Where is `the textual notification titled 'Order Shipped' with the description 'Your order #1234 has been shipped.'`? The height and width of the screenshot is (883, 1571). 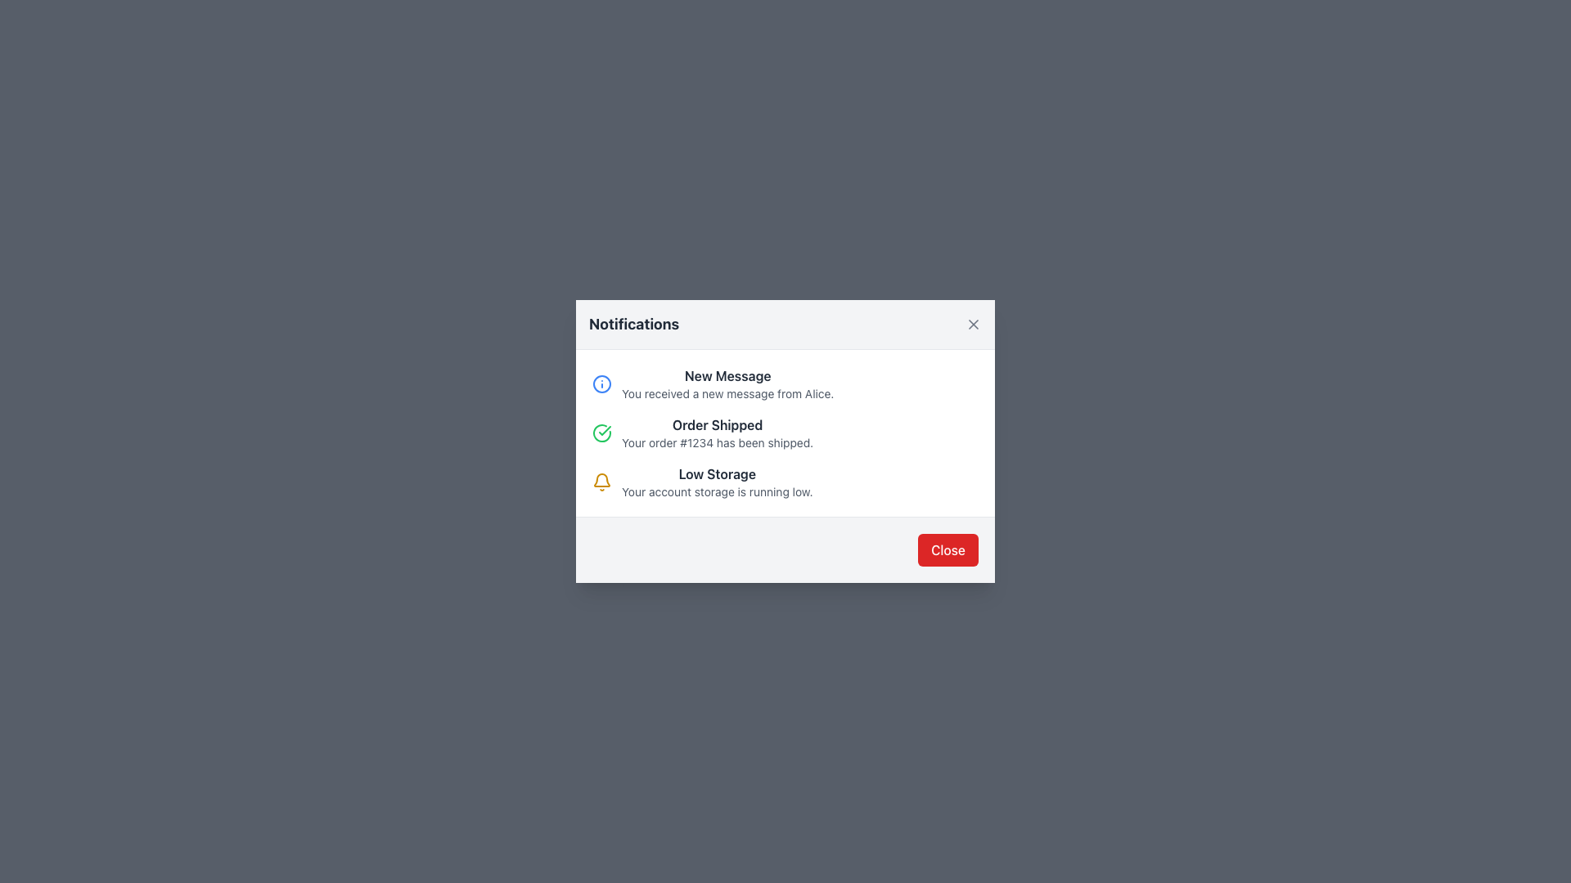 the textual notification titled 'Order Shipped' with the description 'Your order #1234 has been shipped.' is located at coordinates (718, 432).